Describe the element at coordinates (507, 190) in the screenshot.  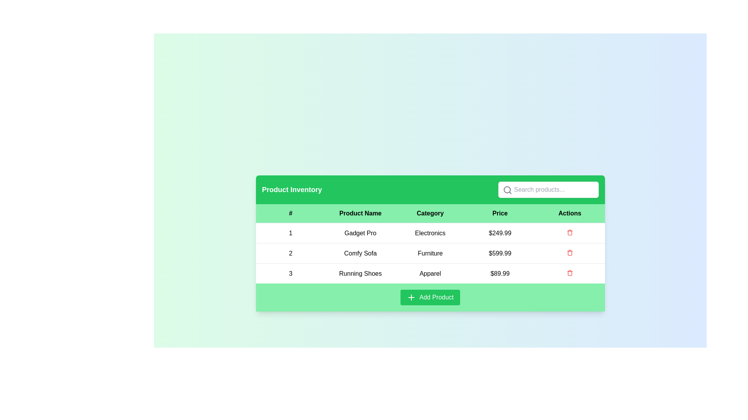
I see `the magnifying glass icon located at the leftmost part of the search bar, adjacent to the input field in the green header section` at that location.